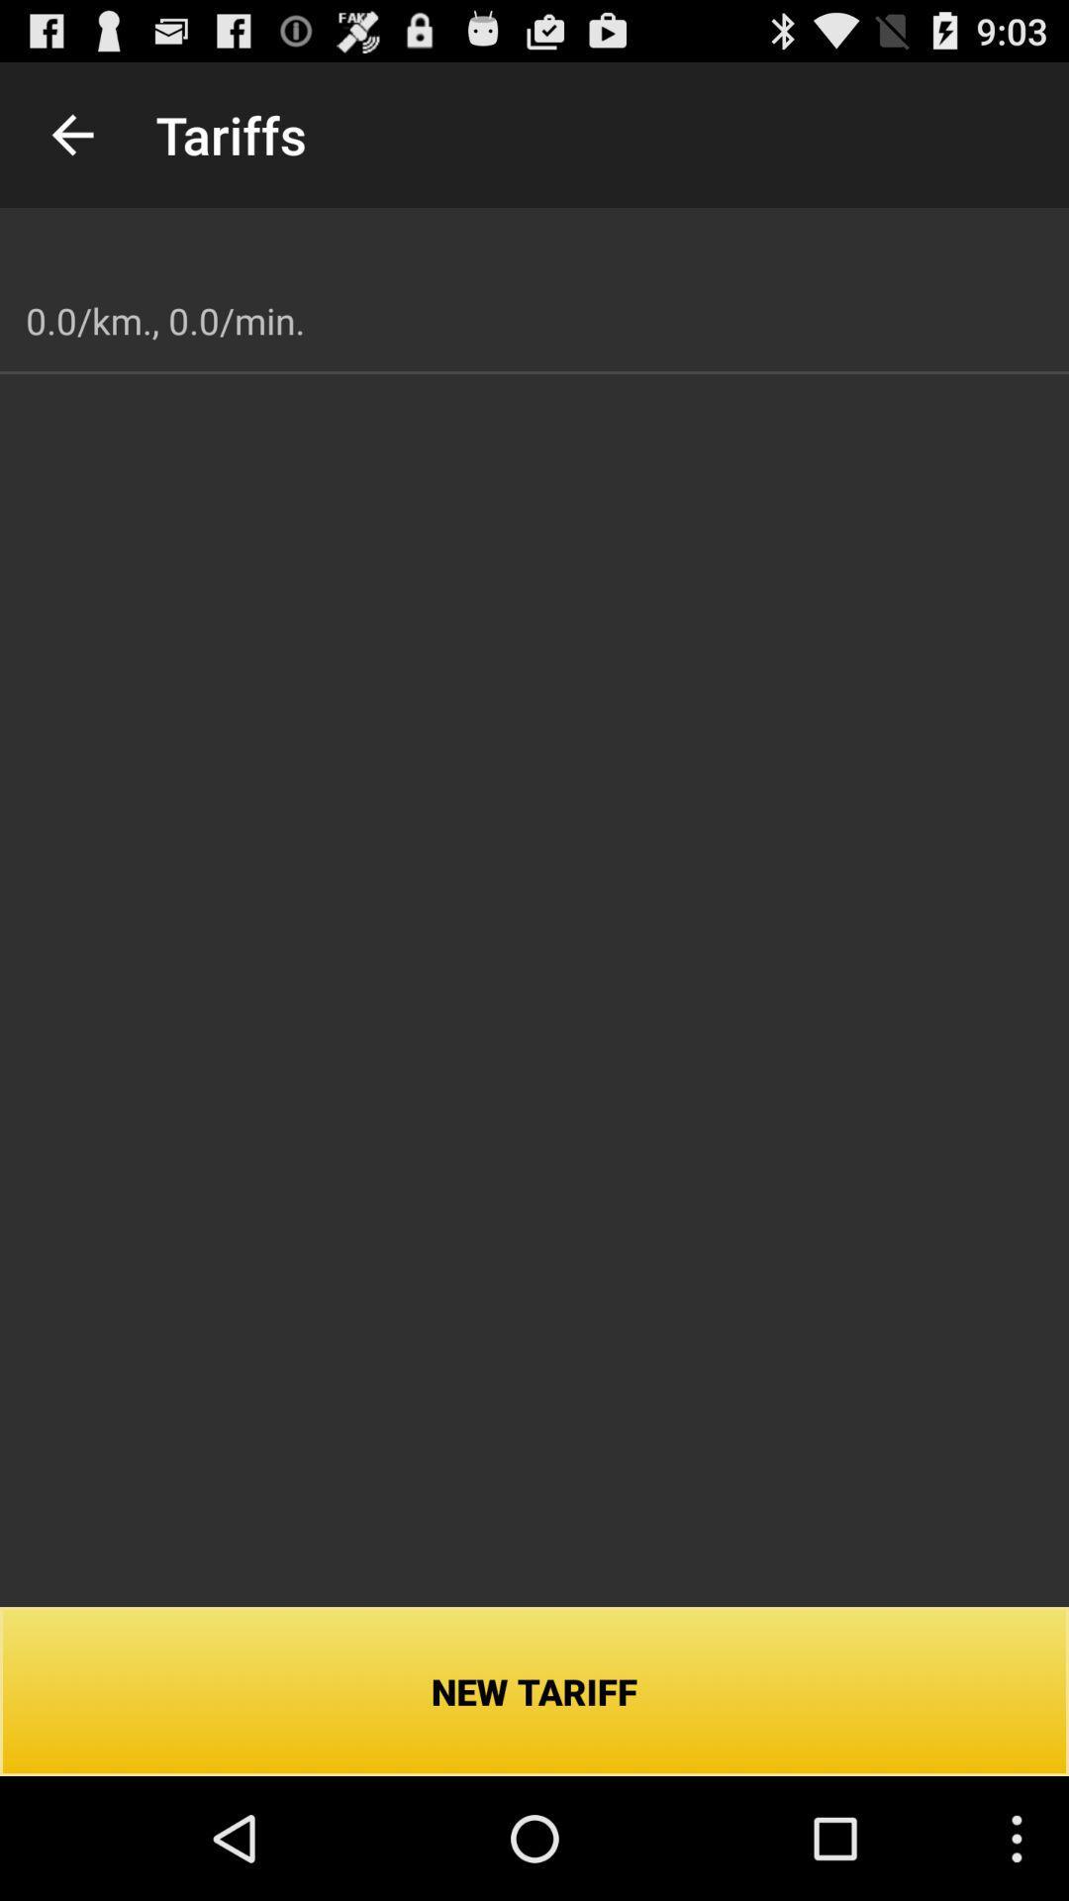  I want to click on the item above 0 0 km, so click(71, 134).